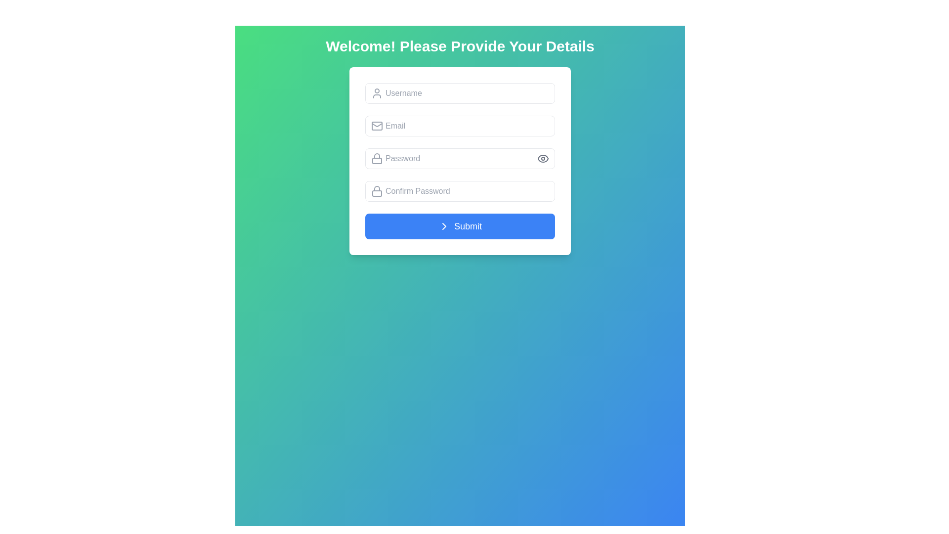  I want to click on the small rectangle with rounded corners that represents the body of the lock icon adjacent to the 'Confirm Password' input field, so click(377, 193).